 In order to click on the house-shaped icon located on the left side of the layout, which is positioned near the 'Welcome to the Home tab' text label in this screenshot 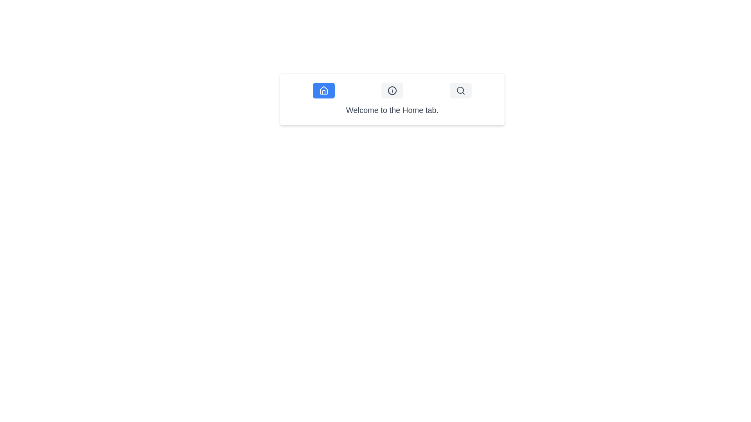, I will do `click(323, 90)`.